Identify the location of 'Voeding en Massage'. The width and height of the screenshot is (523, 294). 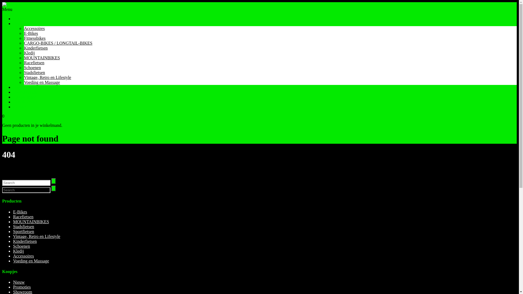
(31, 261).